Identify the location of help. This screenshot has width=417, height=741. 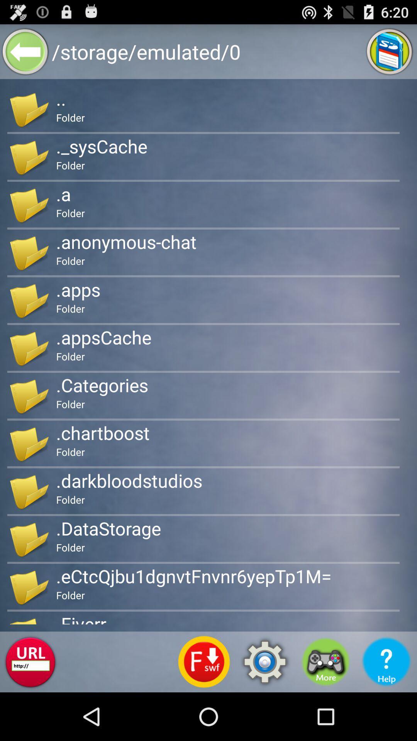
(386, 661).